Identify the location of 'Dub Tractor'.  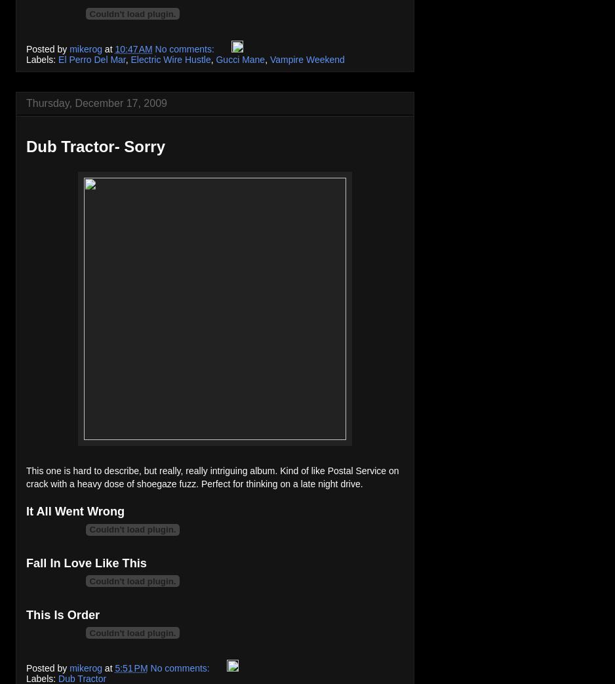
(81, 678).